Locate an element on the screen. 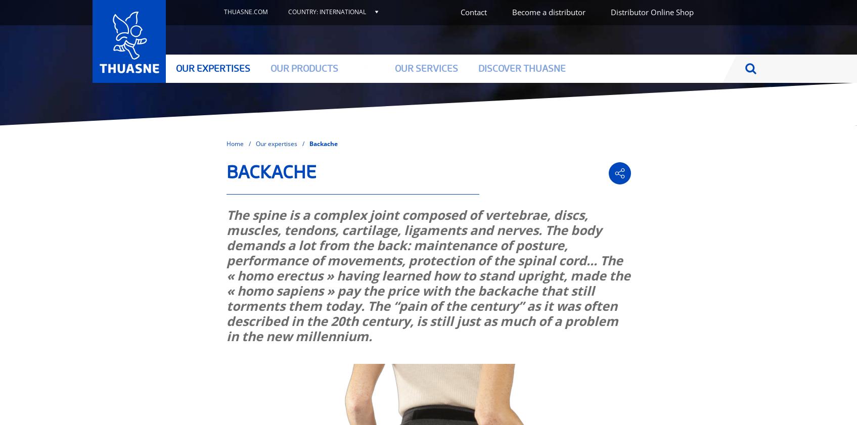 Image resolution: width=857 pixels, height=425 pixels. 'Distributor Online Shop' is located at coordinates (651, 11).